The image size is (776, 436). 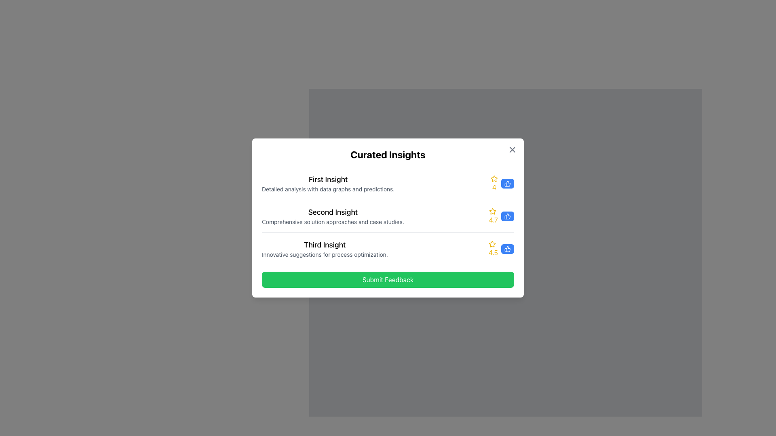 What do you see at coordinates (494, 178) in the screenshot?
I see `the gold star-shaped icon with a hollow design, located in the 'First Insight' section, positioned to the left of the numerical rating '4'` at bounding box center [494, 178].